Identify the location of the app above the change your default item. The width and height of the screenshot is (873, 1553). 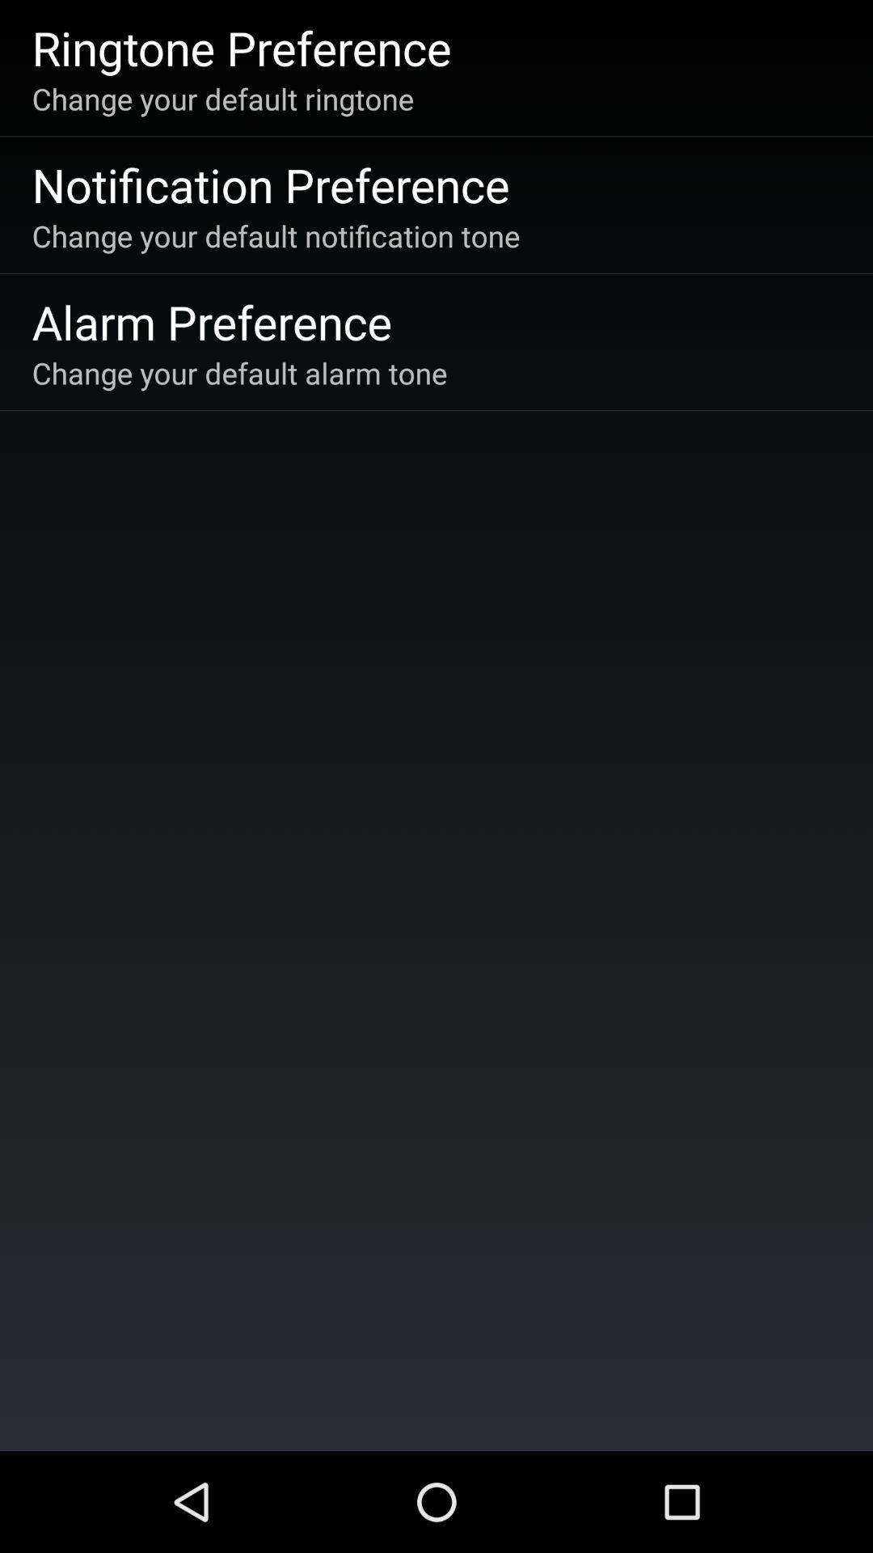
(211, 321).